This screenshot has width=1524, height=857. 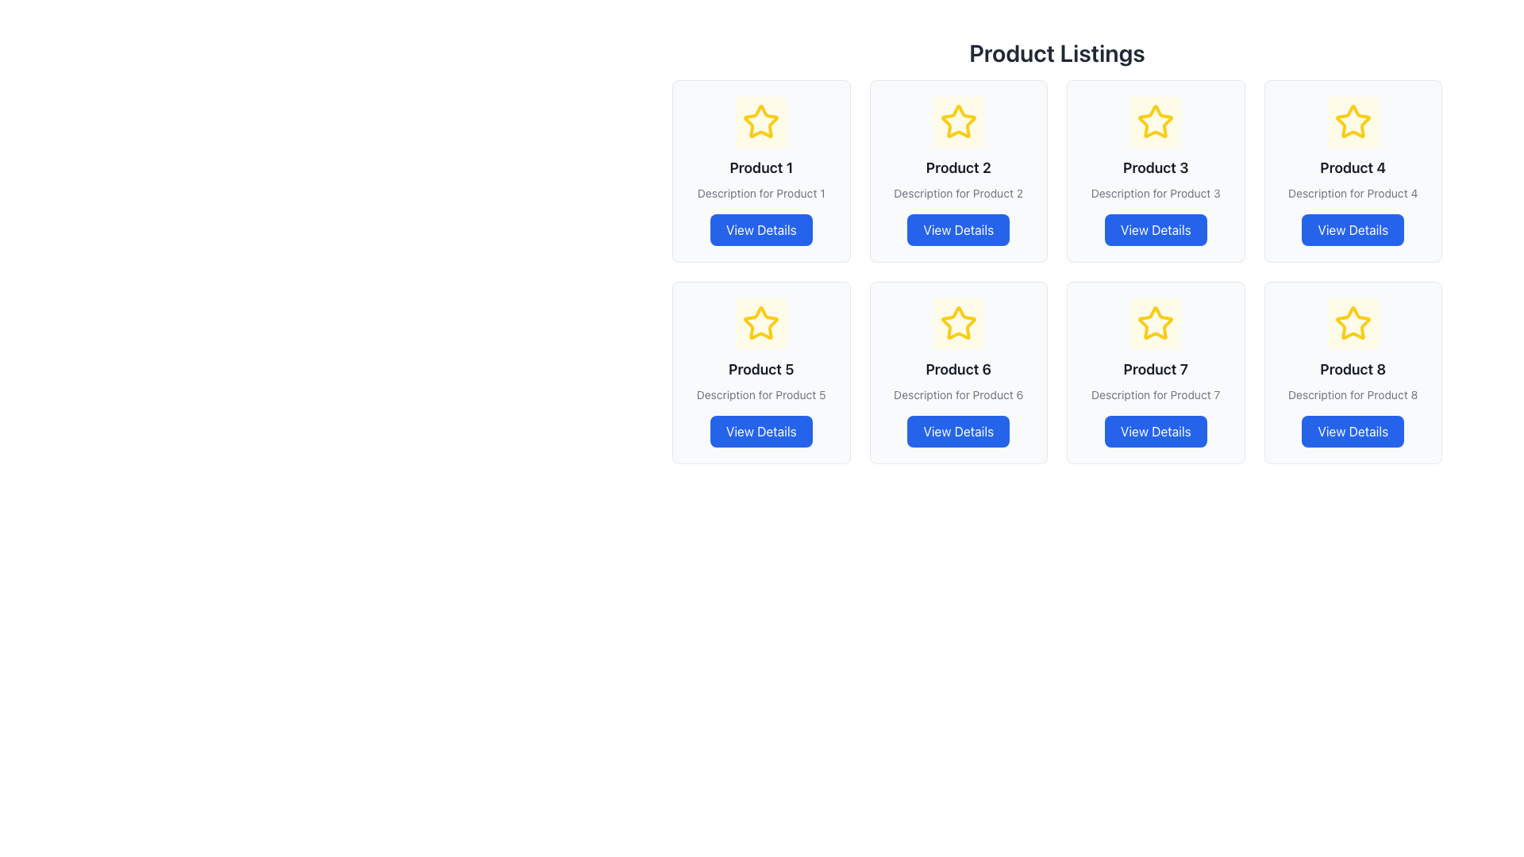 What do you see at coordinates (957, 121) in the screenshot?
I see `the five-pointed star icon with a yellow outline located in the second cell of the top row under 'Product Listings', associated with 'Product 2'` at bounding box center [957, 121].